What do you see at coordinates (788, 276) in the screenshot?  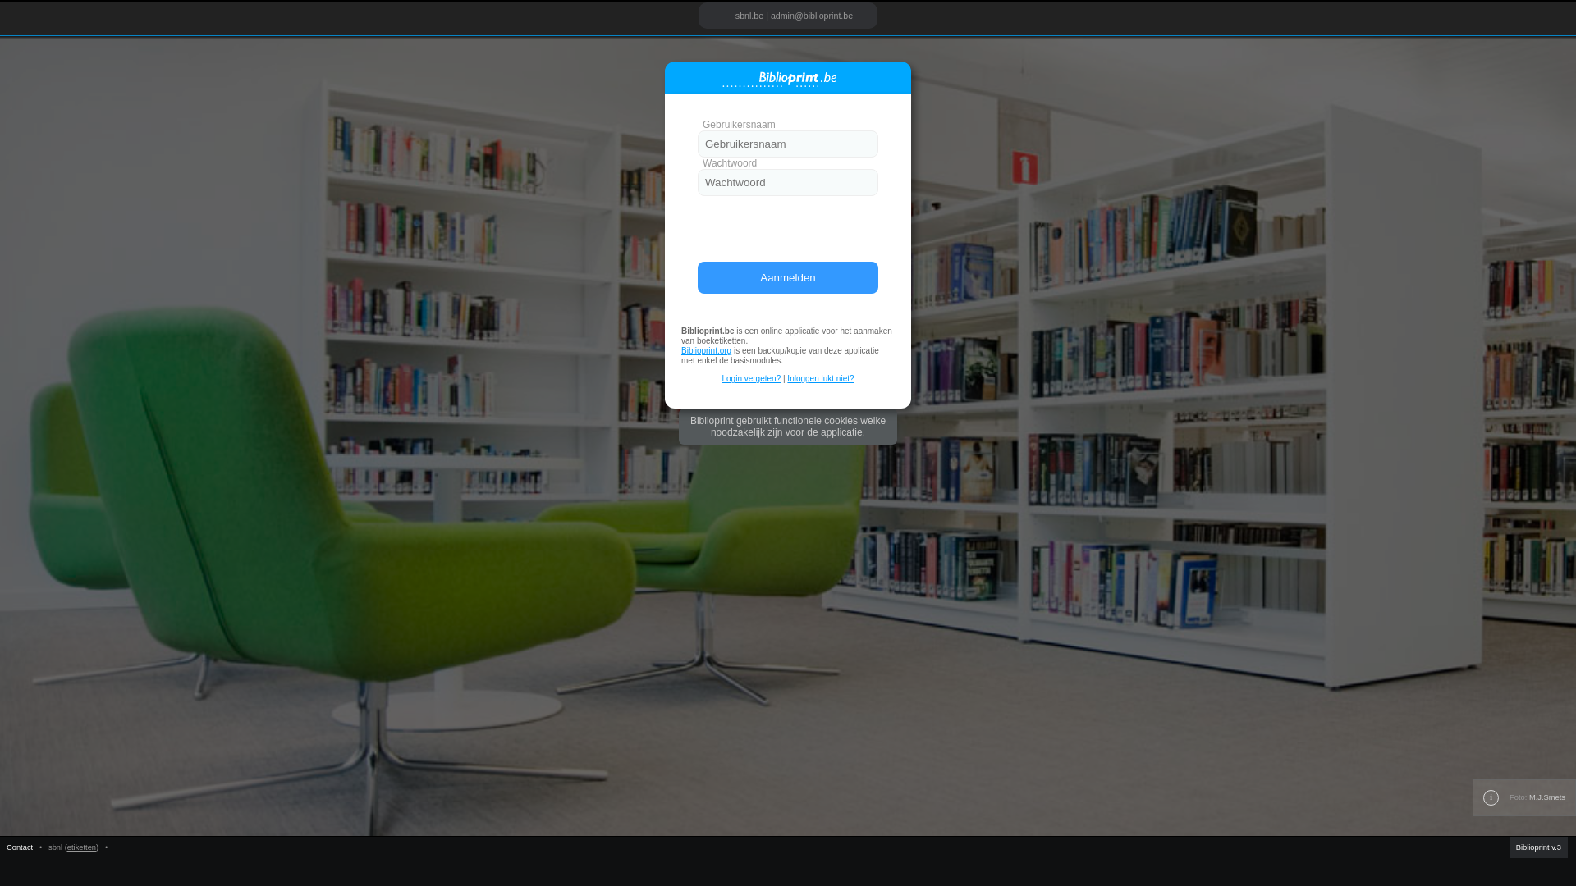 I see `'Aanmelden'` at bounding box center [788, 276].